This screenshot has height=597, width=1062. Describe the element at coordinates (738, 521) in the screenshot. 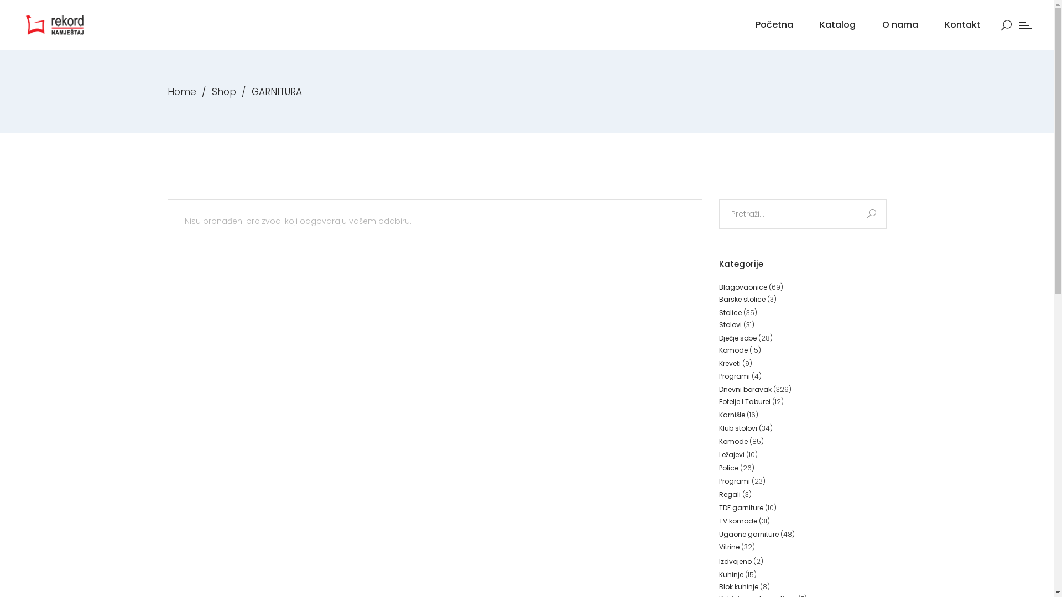

I see `'TV komode'` at that location.